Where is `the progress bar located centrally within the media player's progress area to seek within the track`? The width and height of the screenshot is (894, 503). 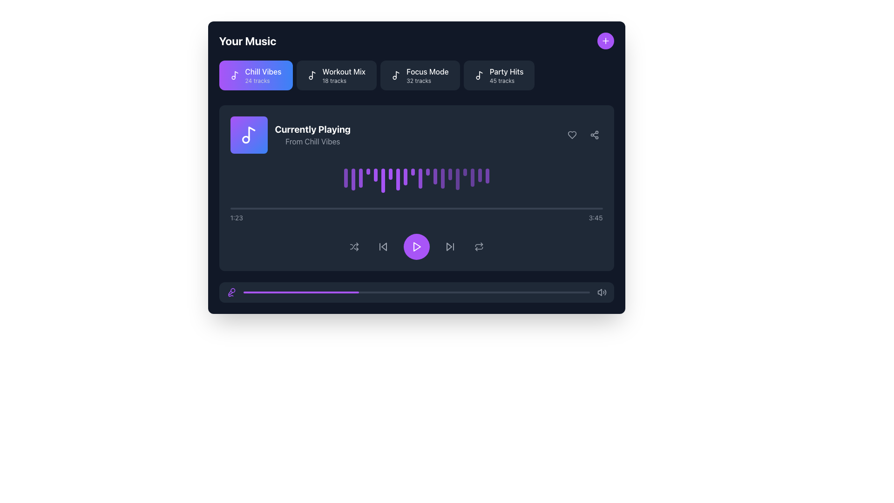
the progress bar located centrally within the media player's progress area to seek within the track is located at coordinates (416, 208).